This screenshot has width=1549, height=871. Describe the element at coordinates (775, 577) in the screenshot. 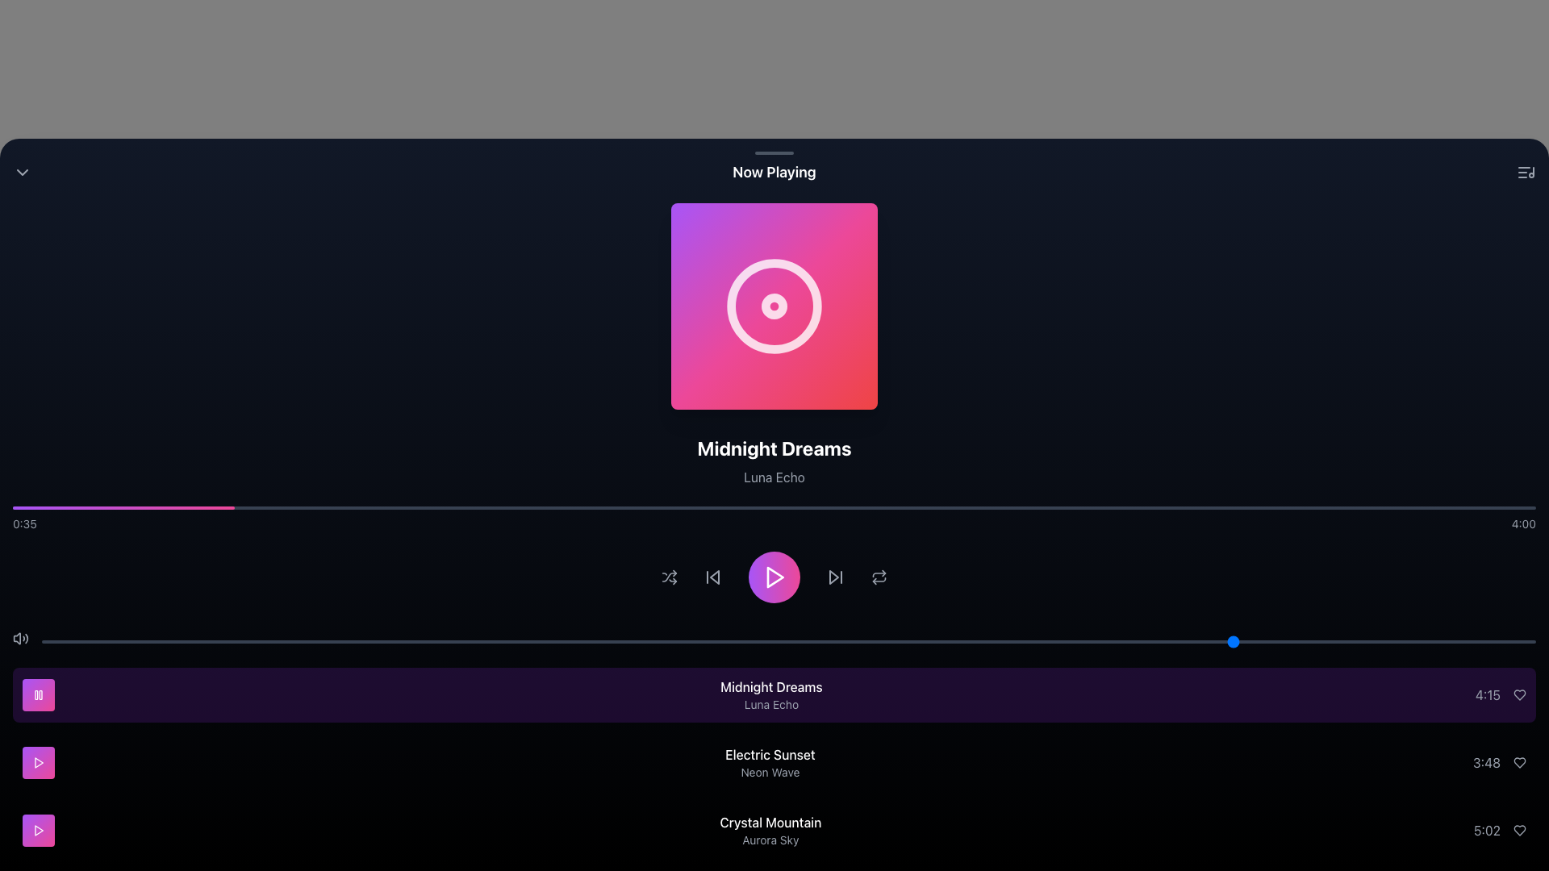

I see `the circular play icon located at the bottom center of the media player interface to play the media` at that location.